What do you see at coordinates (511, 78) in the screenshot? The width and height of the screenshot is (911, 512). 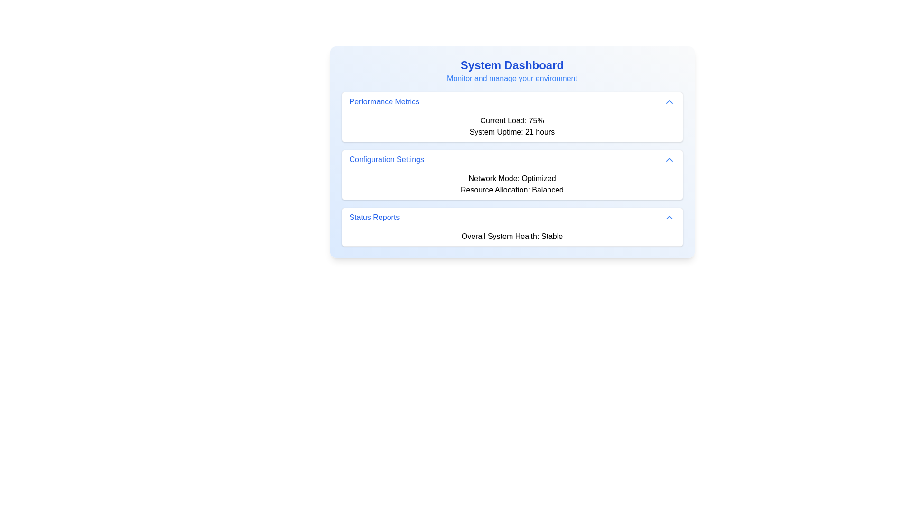 I see `the text label displaying 'Monitor and manage your environment' in blue, which is positioned directly below the 'System Dashboard' label` at bounding box center [511, 78].